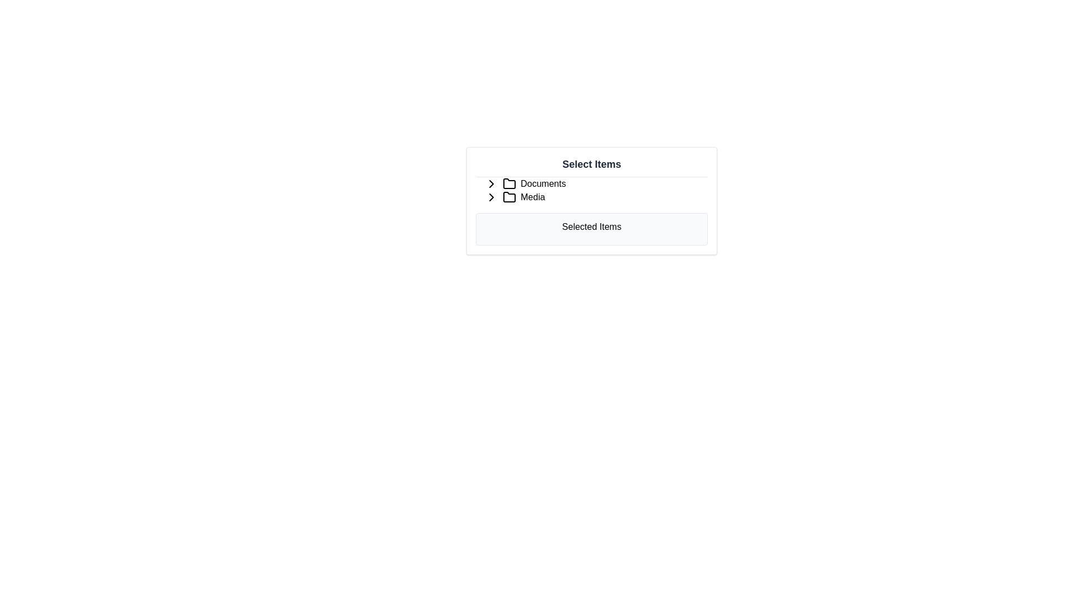 This screenshot has width=1075, height=604. I want to click on the folder icon that represents the 'Documents' category, located in the selection panel titled 'Select Items', positioned to the left of the text label 'Documents', so click(509, 183).